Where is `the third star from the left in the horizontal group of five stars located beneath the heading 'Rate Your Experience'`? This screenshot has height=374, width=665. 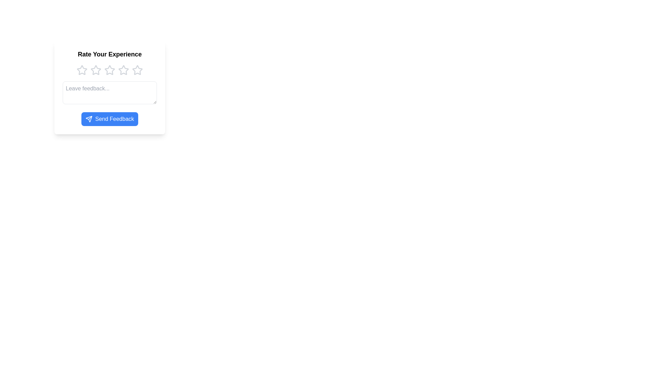 the third star from the left in the horizontal group of five stars located beneath the heading 'Rate Your Experience' is located at coordinates (109, 70).